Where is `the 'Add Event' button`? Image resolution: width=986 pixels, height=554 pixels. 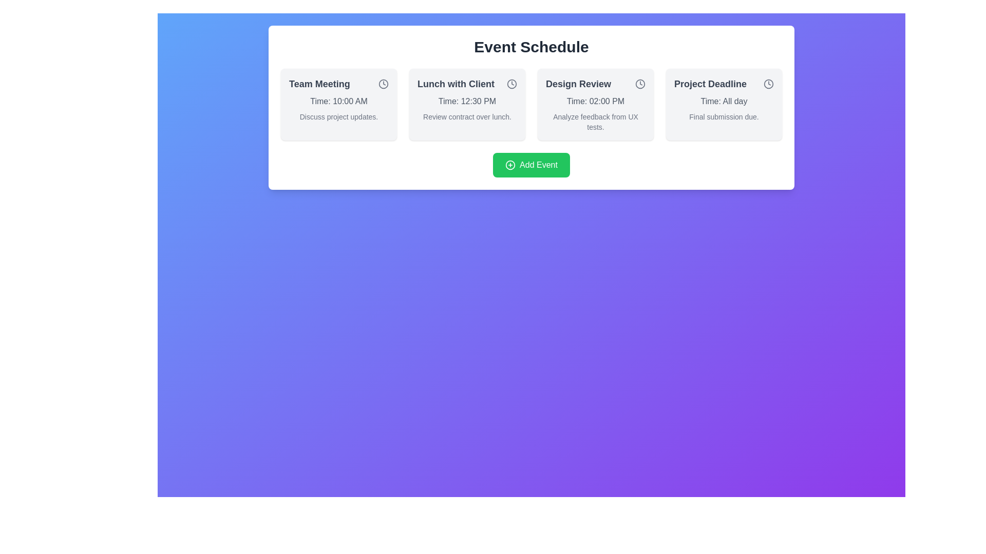 the 'Add Event' button is located at coordinates (532, 164).